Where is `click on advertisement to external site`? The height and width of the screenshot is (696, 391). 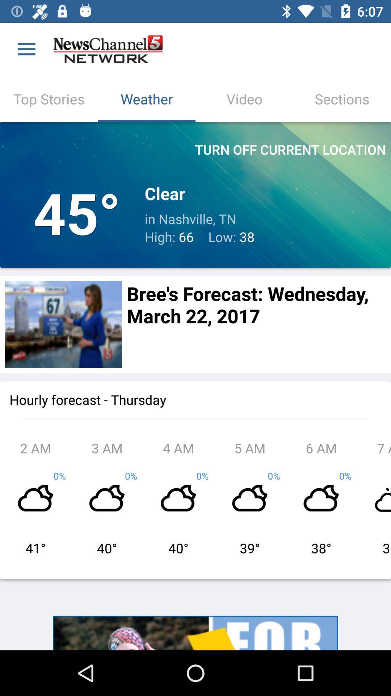
click on advertisement to external site is located at coordinates (195, 633).